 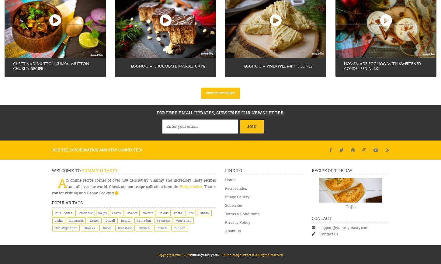 What do you see at coordinates (382, 66) in the screenshot?
I see `'Homemade Eggnog with Sweetened Condensed Milk'` at bounding box center [382, 66].